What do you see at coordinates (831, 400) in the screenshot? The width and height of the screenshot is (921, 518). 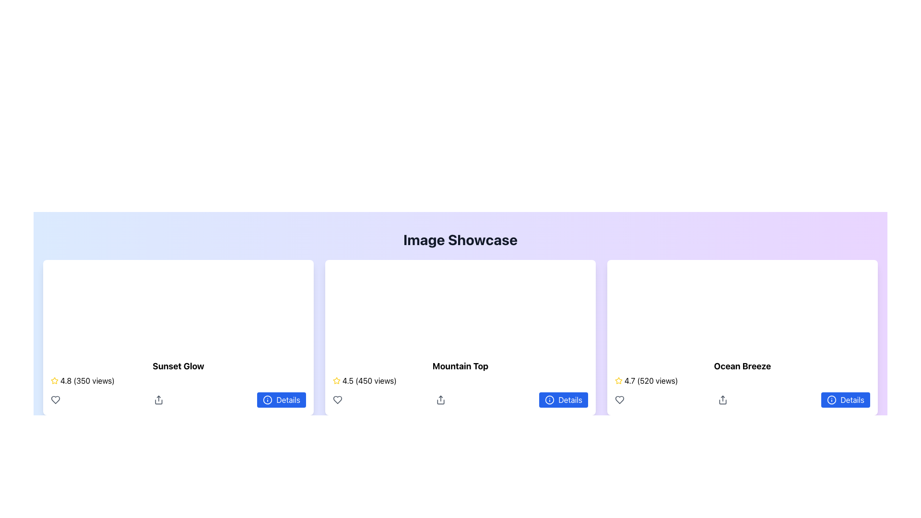 I see `the small circle within the blue circular info icon next to the 'Details' button on the card labeled 'Ocean Breeze'` at bounding box center [831, 400].